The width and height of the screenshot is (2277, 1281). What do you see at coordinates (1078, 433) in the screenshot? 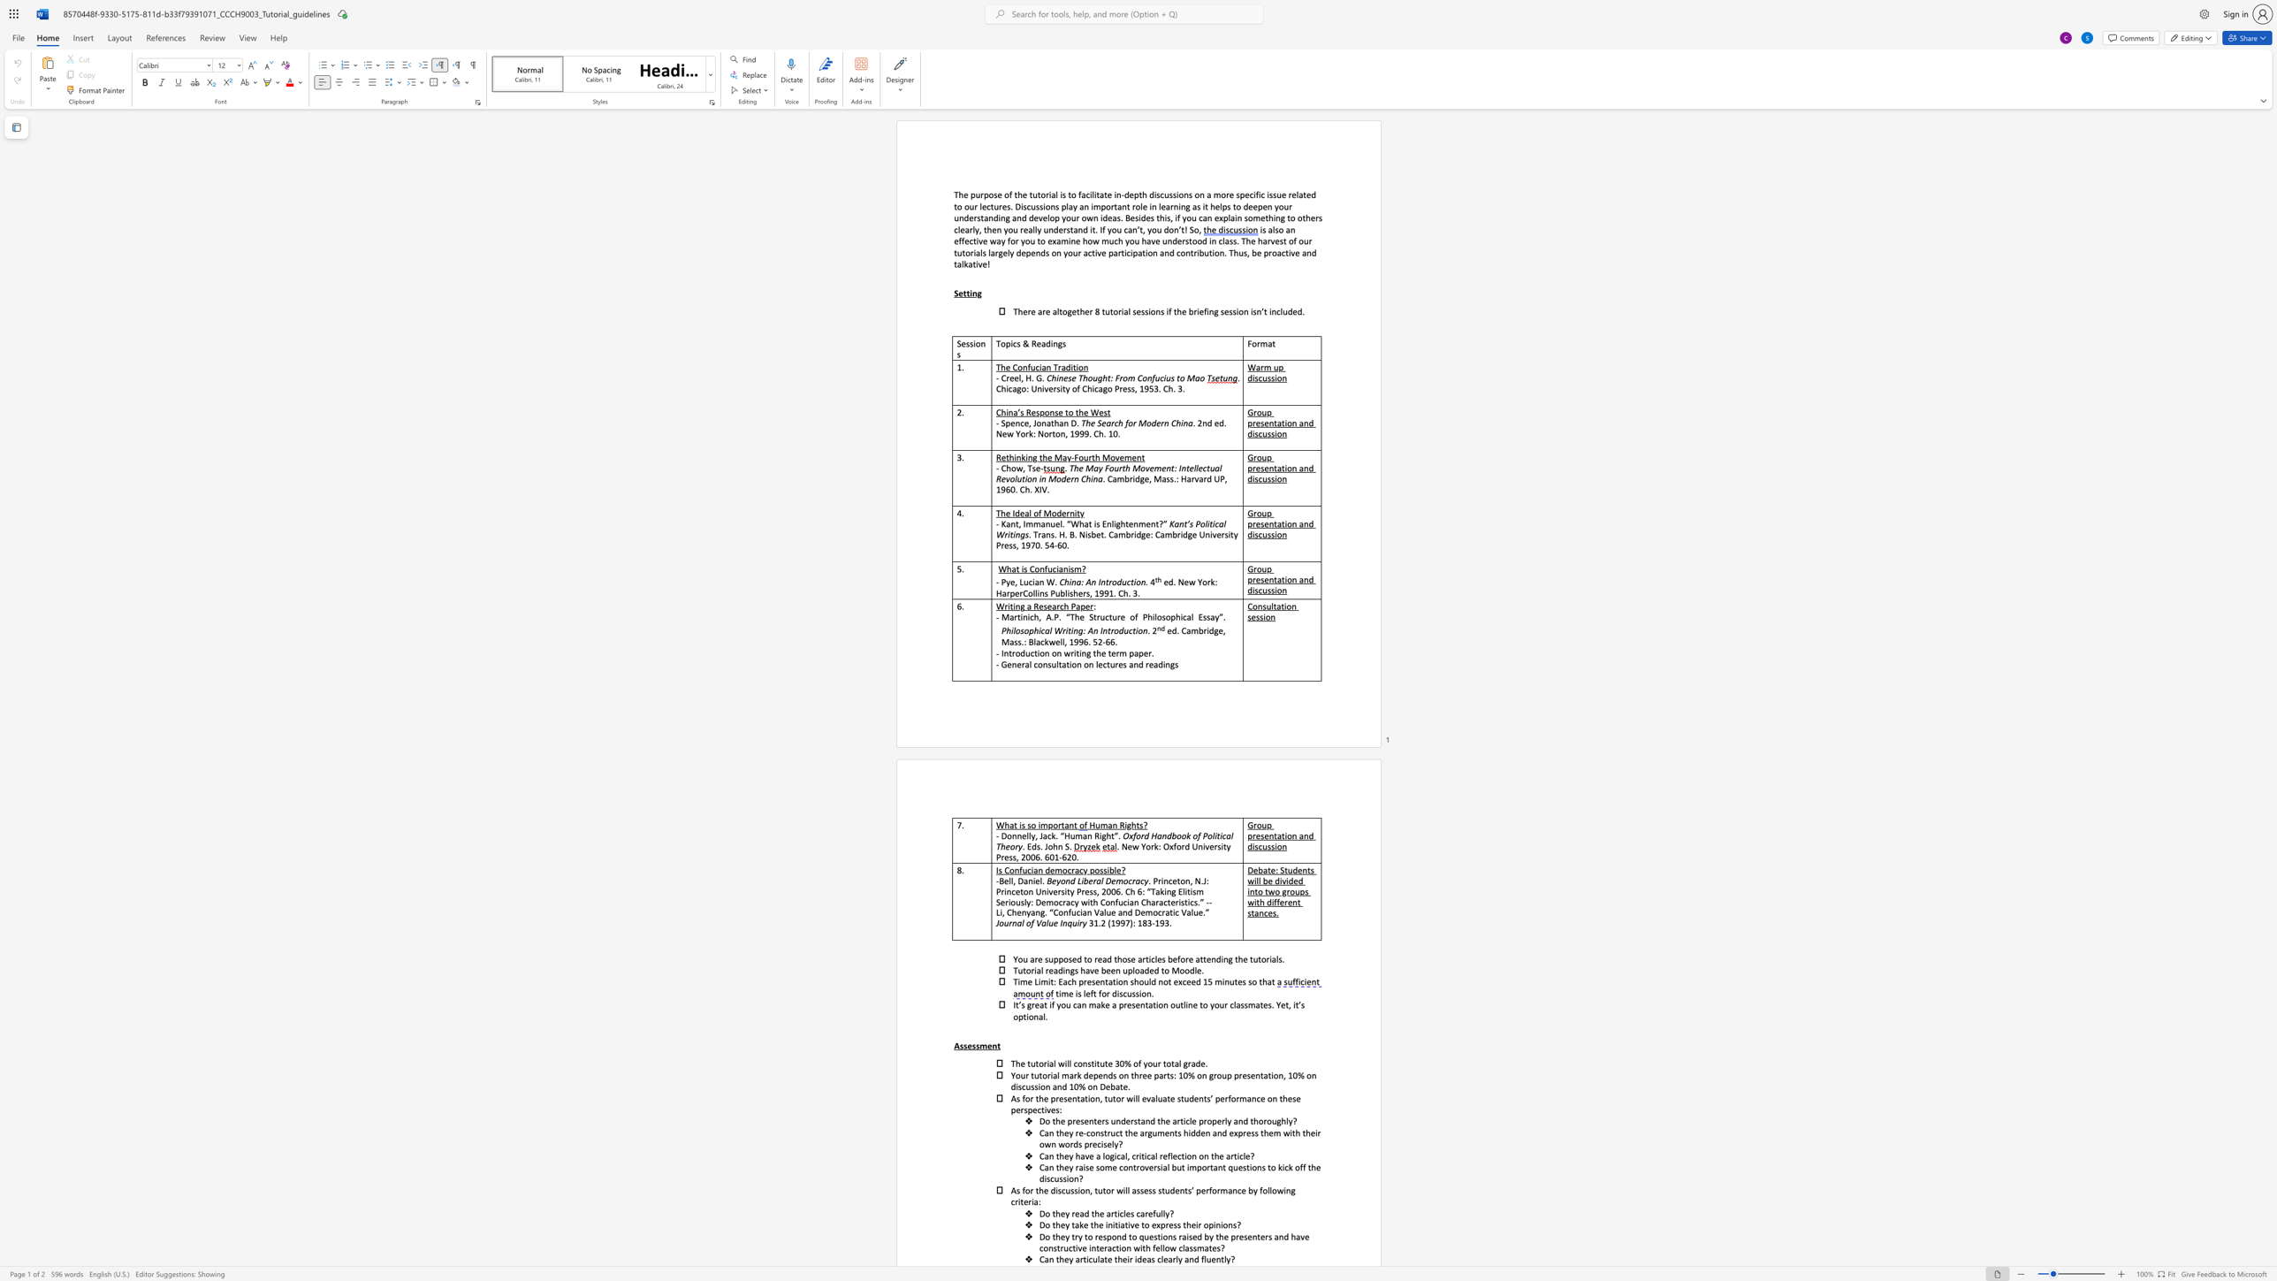
I see `the subset text "99. Ch. 10." within the text ". 2nd ed. New York: Norton, 1999. Ch. 10."` at bounding box center [1078, 433].